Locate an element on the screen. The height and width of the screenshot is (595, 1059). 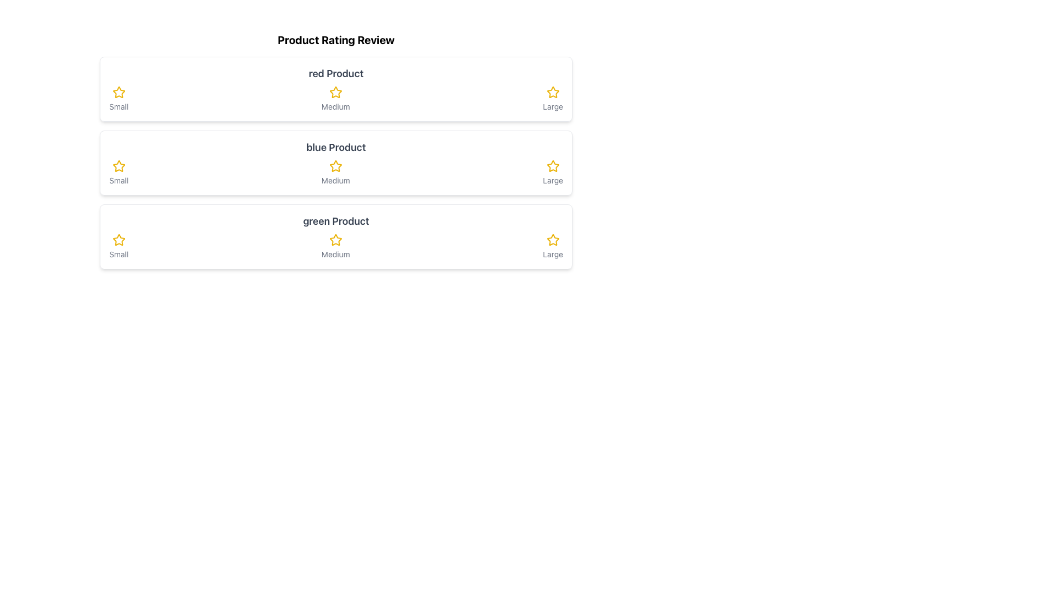
label of the 'Medium' selection option in the Green Product section, which is the middle item in a horizontal layout containing 'Small', 'Medium', and 'Large' is located at coordinates (335, 246).